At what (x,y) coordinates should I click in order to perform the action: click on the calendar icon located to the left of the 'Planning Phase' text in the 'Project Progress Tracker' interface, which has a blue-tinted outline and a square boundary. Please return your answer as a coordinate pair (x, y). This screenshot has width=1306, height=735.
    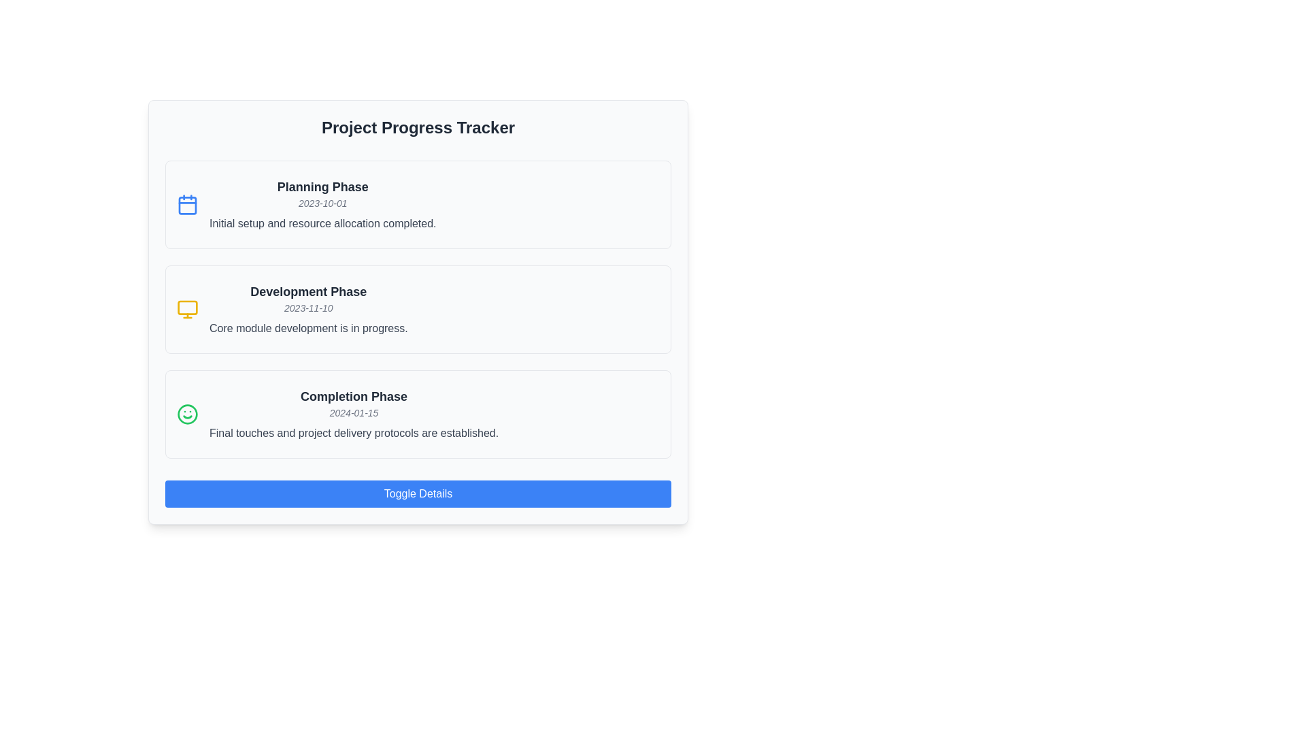
    Looking at the image, I should click on (186, 204).